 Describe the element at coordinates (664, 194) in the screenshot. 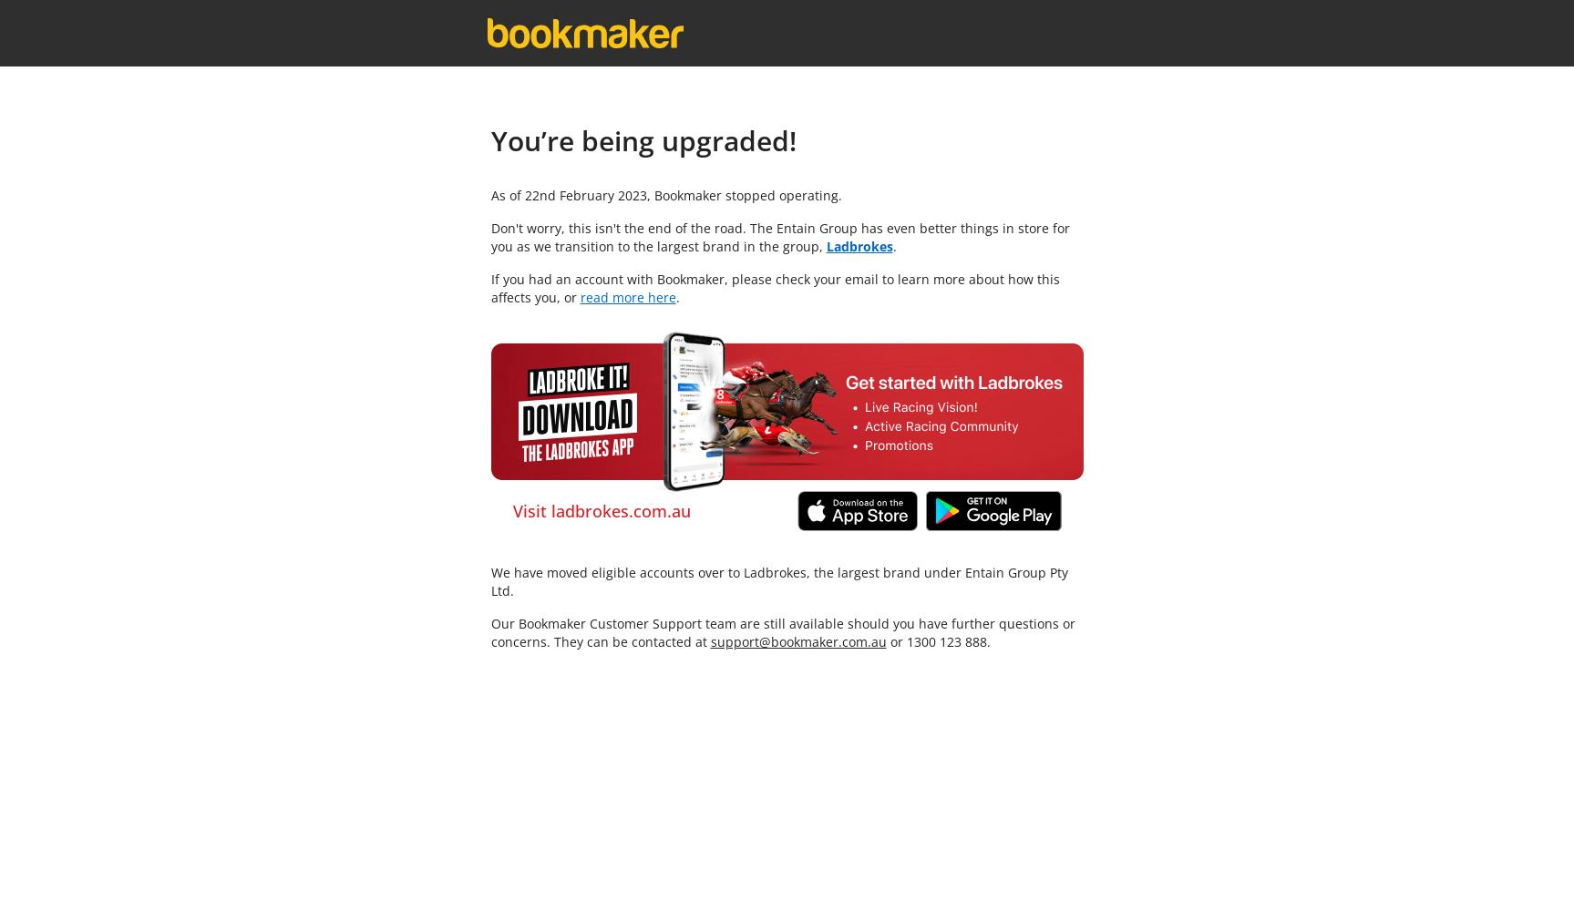

I see `'As of 22nd February 2023, Bookmaker stopped operating.'` at that location.